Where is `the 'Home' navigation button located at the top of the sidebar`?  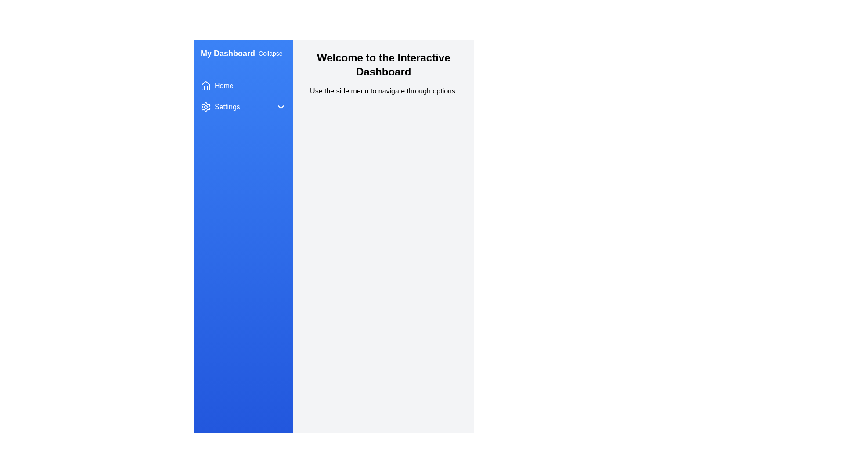
the 'Home' navigation button located at the top of the sidebar is located at coordinates (243, 86).